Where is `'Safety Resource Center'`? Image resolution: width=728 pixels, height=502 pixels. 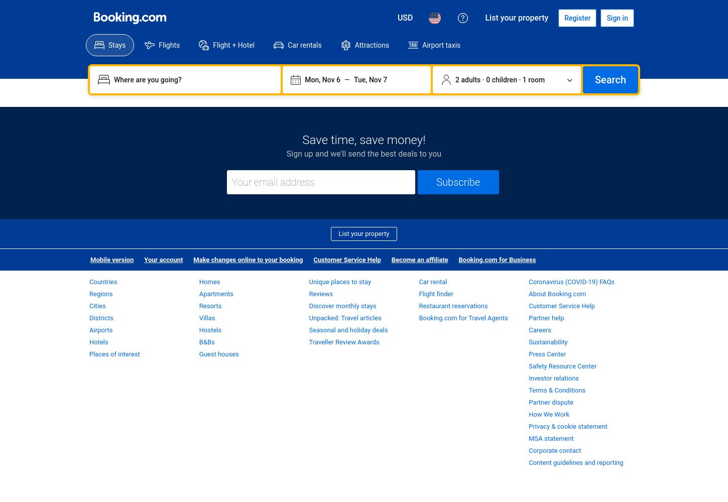 'Safety Resource Center' is located at coordinates (562, 365).